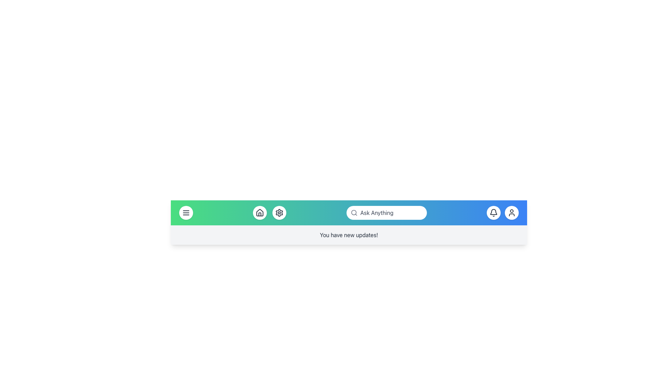 This screenshot has width=668, height=375. What do you see at coordinates (353, 212) in the screenshot?
I see `the circular graphical component within the SVG that is part of the search icon, located at the center of the magnifying glass` at bounding box center [353, 212].